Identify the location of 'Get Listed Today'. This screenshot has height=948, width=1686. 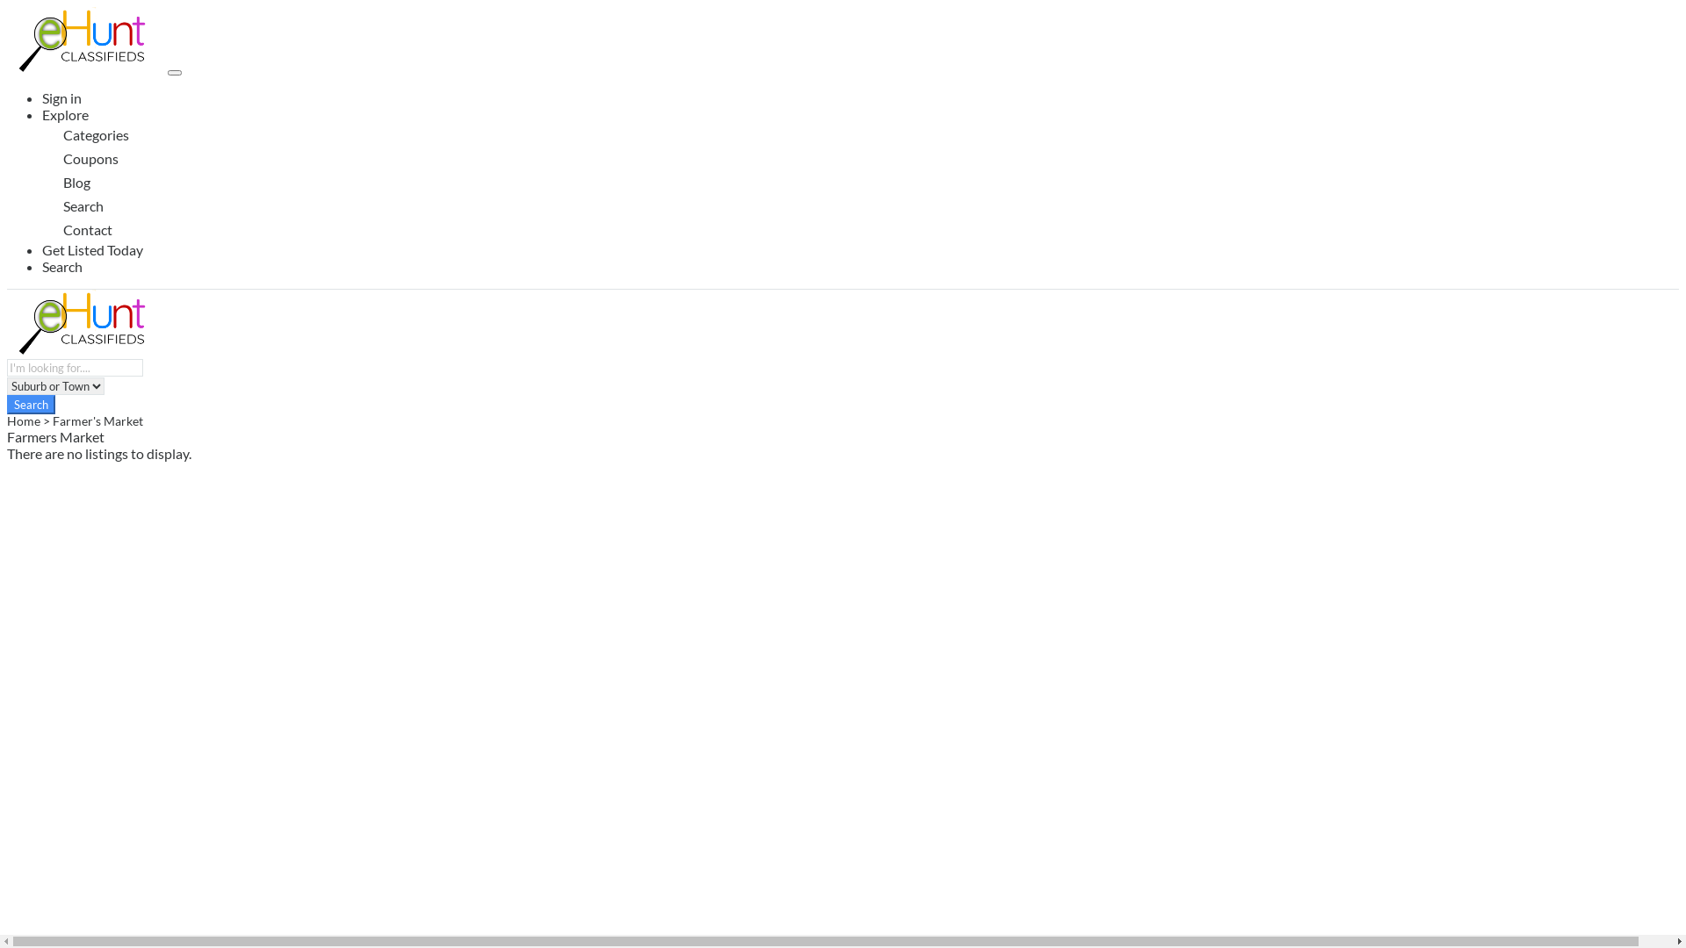
(91, 249).